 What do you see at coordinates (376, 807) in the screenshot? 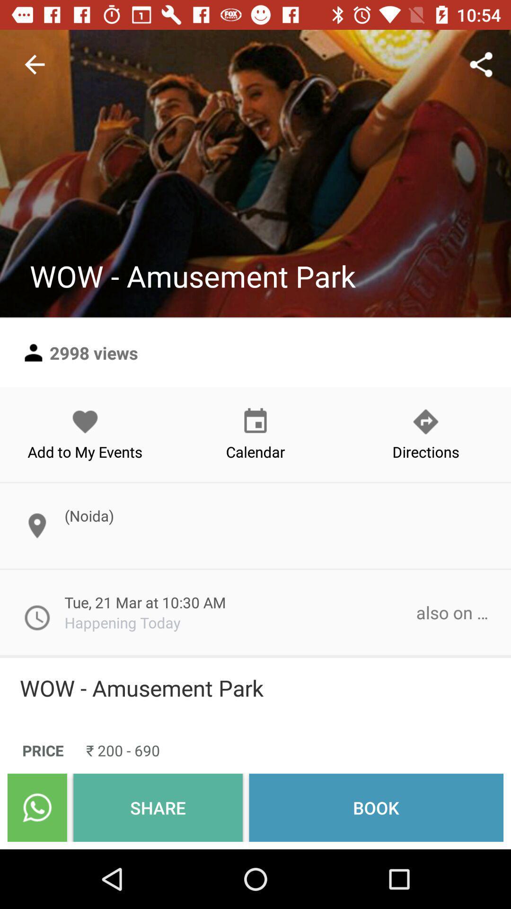
I see `the icon to the right of share icon` at bounding box center [376, 807].